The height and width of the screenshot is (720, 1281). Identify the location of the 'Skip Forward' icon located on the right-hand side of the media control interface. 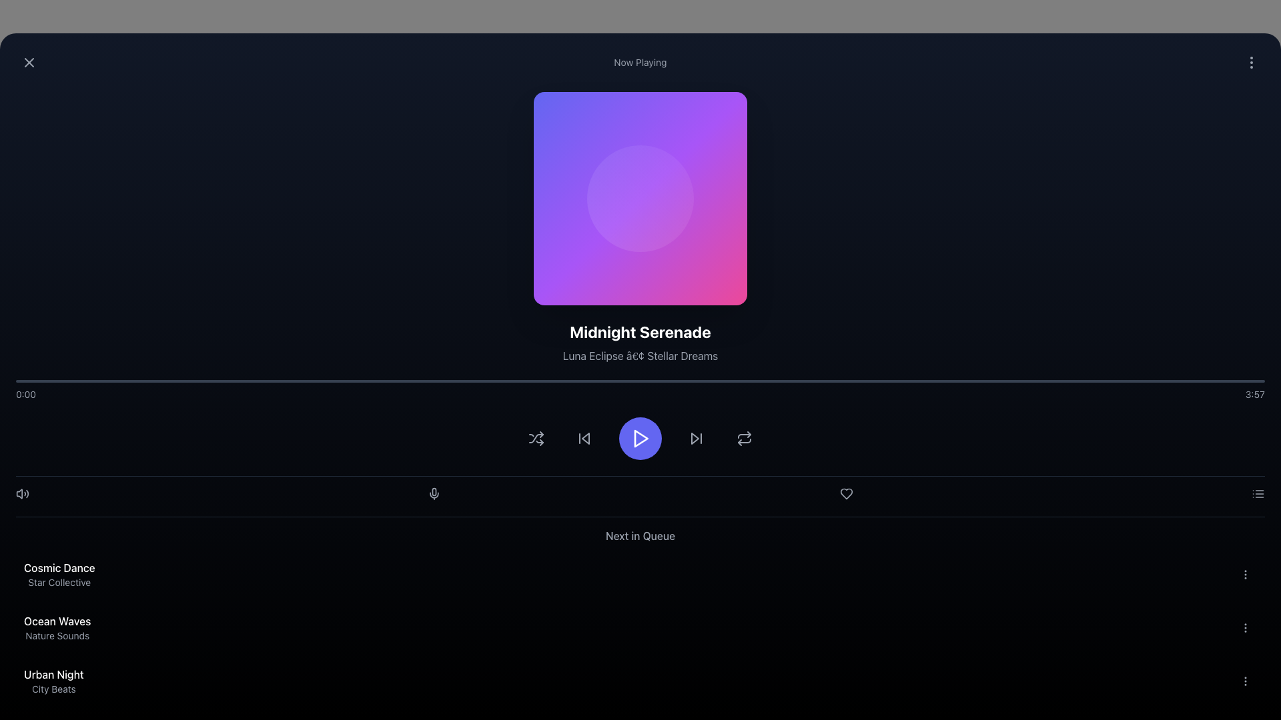
(694, 439).